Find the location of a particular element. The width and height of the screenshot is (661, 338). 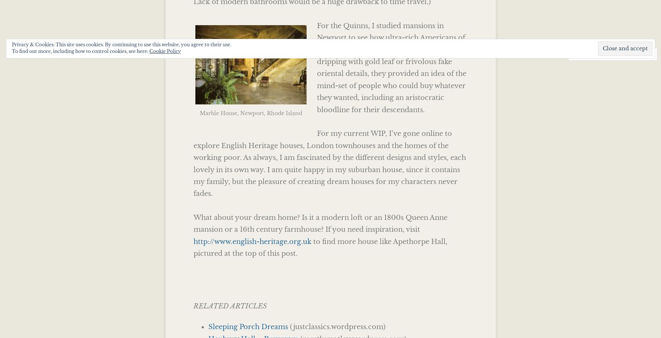

'Follow' is located at coordinates (624, 54).